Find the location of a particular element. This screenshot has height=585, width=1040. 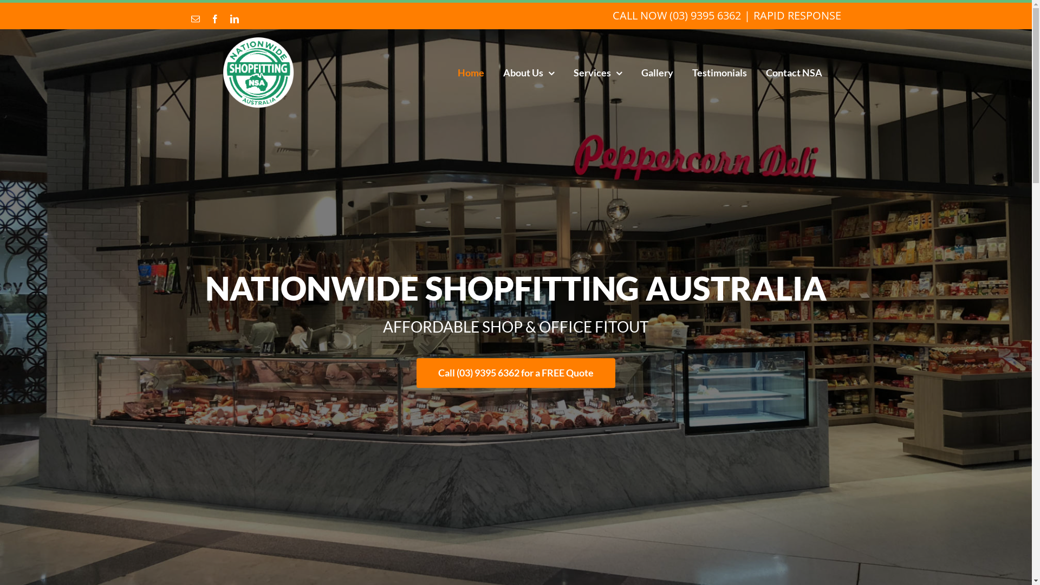

'Email' is located at coordinates (195, 18).